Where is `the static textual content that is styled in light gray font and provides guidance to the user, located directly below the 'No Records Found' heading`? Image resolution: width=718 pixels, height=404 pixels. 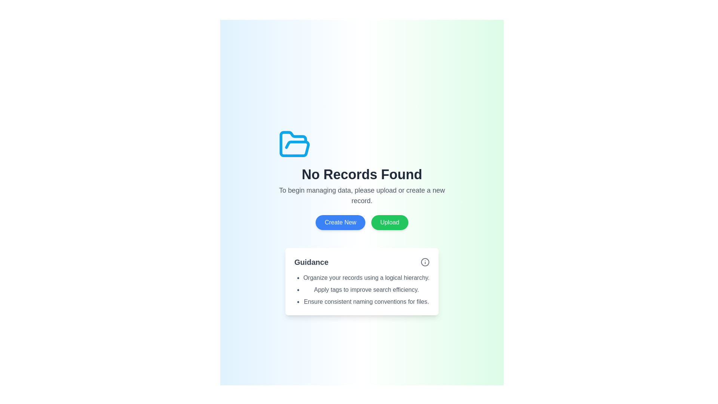
the static textual content that is styled in light gray font and provides guidance to the user, located directly below the 'No Records Found' heading is located at coordinates (362, 195).